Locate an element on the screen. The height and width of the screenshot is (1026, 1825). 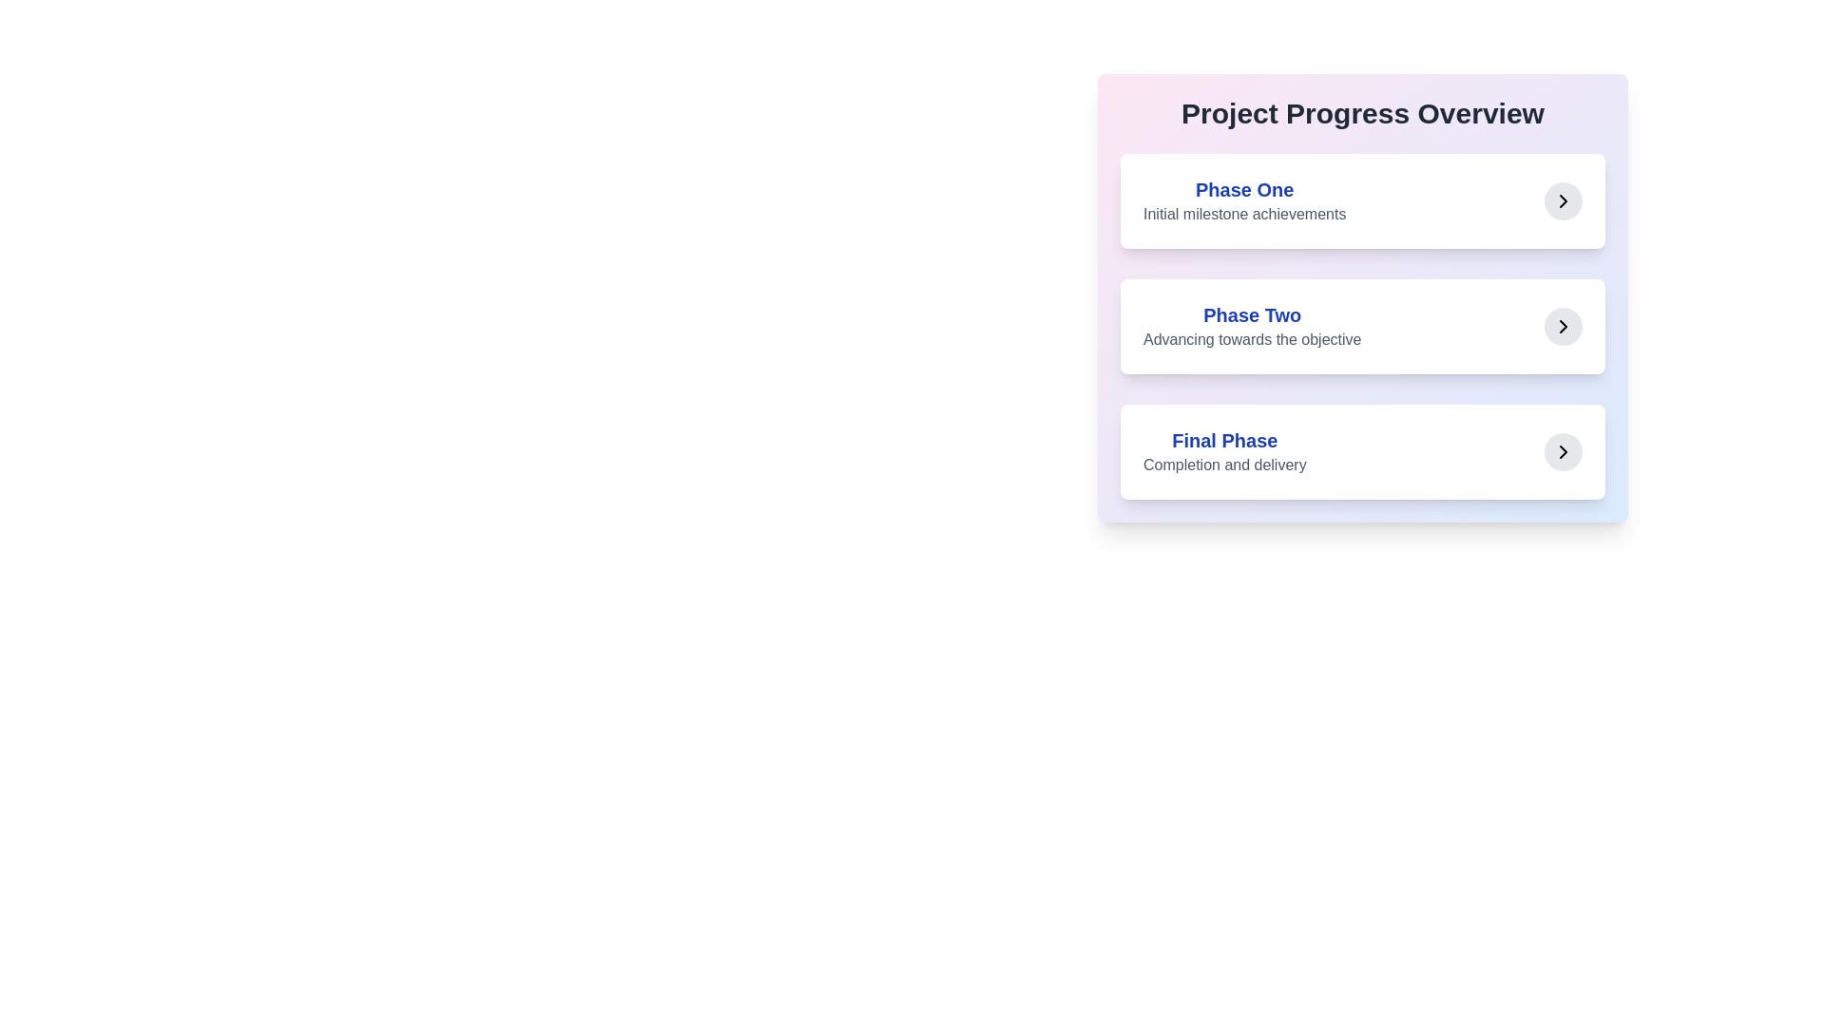
the 'Phase Two' clickable panel in the Project Progress Overview is located at coordinates (1362, 325).